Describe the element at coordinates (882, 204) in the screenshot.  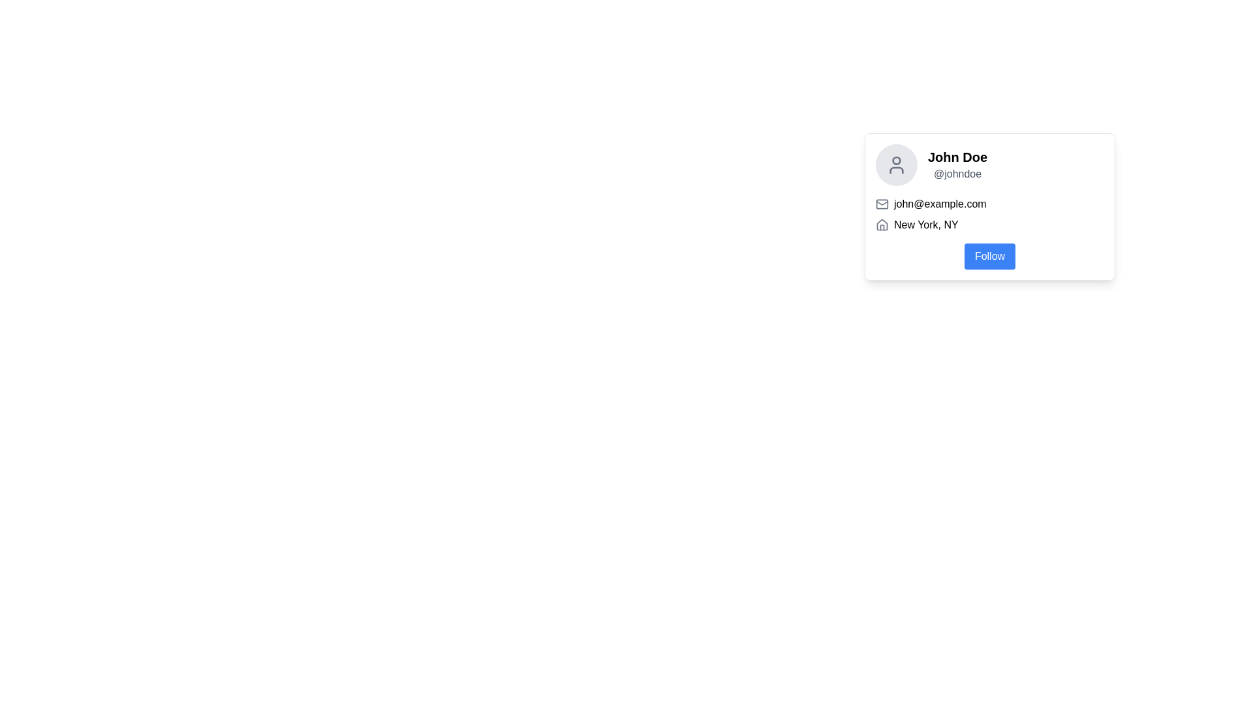
I see `the rectangular envelope icon component, which is styled with a light gray fill and rounded corners, for interactions` at that location.